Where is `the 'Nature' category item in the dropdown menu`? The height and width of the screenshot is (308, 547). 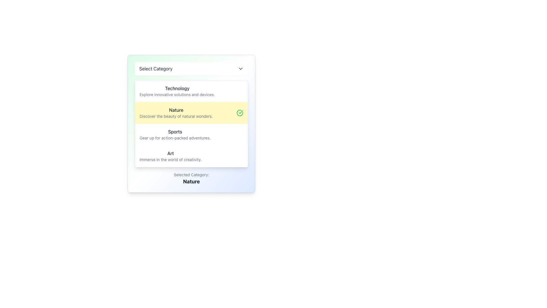 the 'Nature' category item in the dropdown menu is located at coordinates (191, 123).